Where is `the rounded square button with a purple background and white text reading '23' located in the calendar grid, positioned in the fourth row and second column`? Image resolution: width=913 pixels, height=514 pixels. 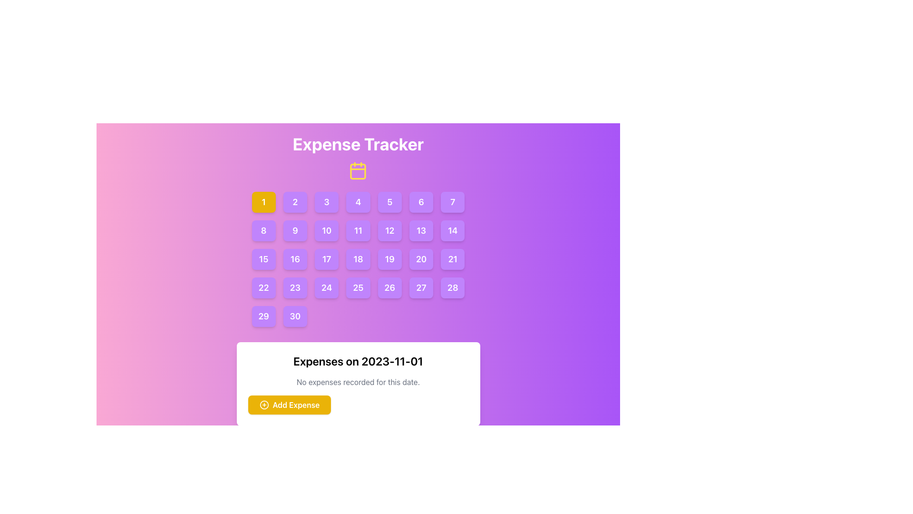 the rounded square button with a purple background and white text reading '23' located in the calendar grid, positioned in the fourth row and second column is located at coordinates (294, 287).